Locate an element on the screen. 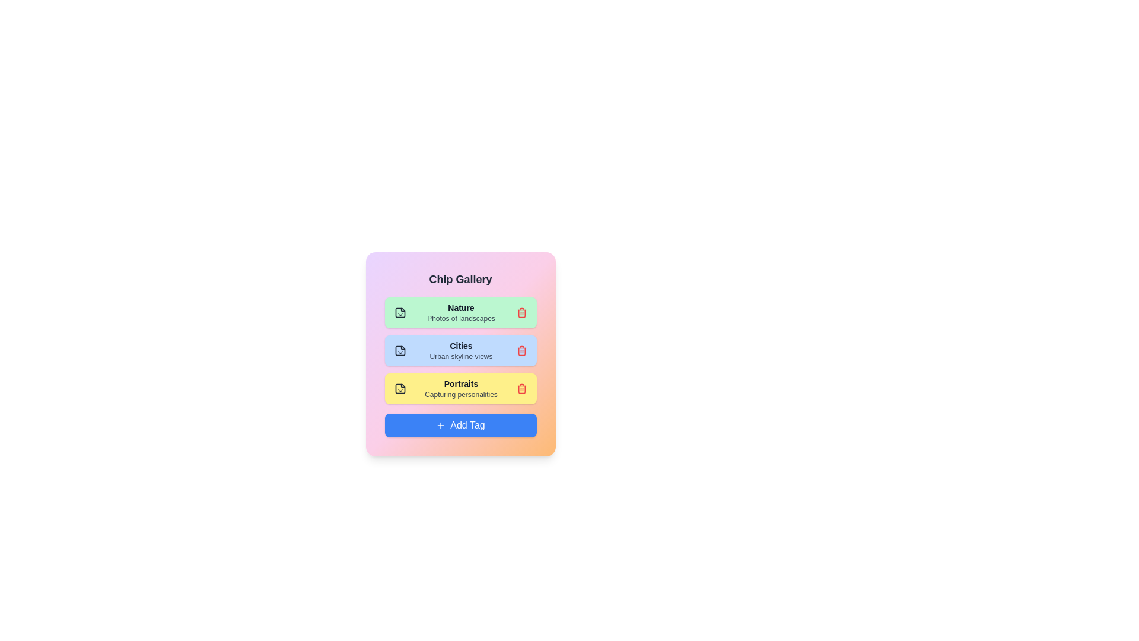 The height and width of the screenshot is (641, 1139). the sticker icon of the tag labeled Nature is located at coordinates (400, 312).